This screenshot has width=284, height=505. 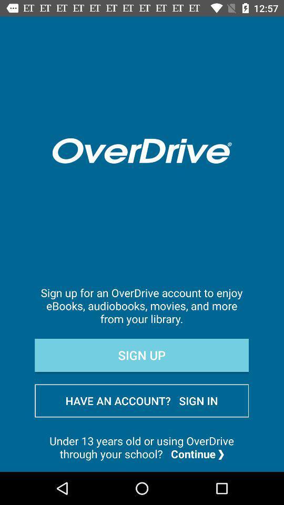 What do you see at coordinates (141, 447) in the screenshot?
I see `the item below the have an account item` at bounding box center [141, 447].